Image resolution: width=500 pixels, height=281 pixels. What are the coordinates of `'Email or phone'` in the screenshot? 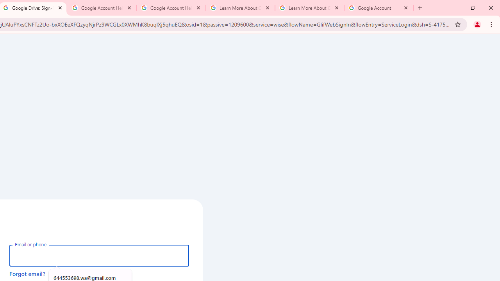 It's located at (99, 255).